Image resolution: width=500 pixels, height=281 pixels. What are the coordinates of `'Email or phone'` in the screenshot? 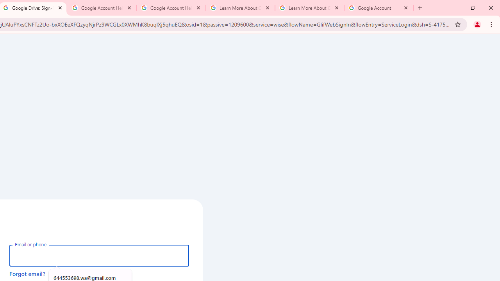 It's located at (99, 255).